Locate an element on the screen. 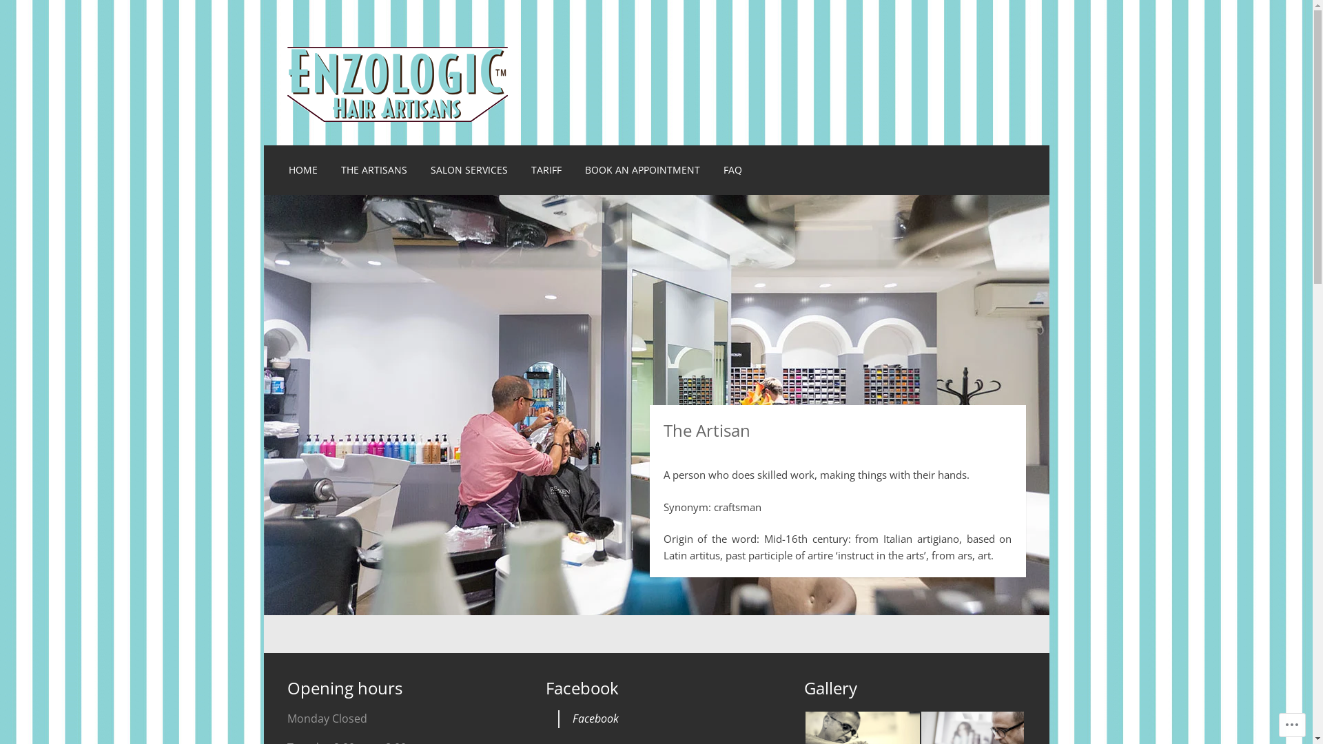 The image size is (1323, 744). 'SALON SERVICES' is located at coordinates (469, 169).